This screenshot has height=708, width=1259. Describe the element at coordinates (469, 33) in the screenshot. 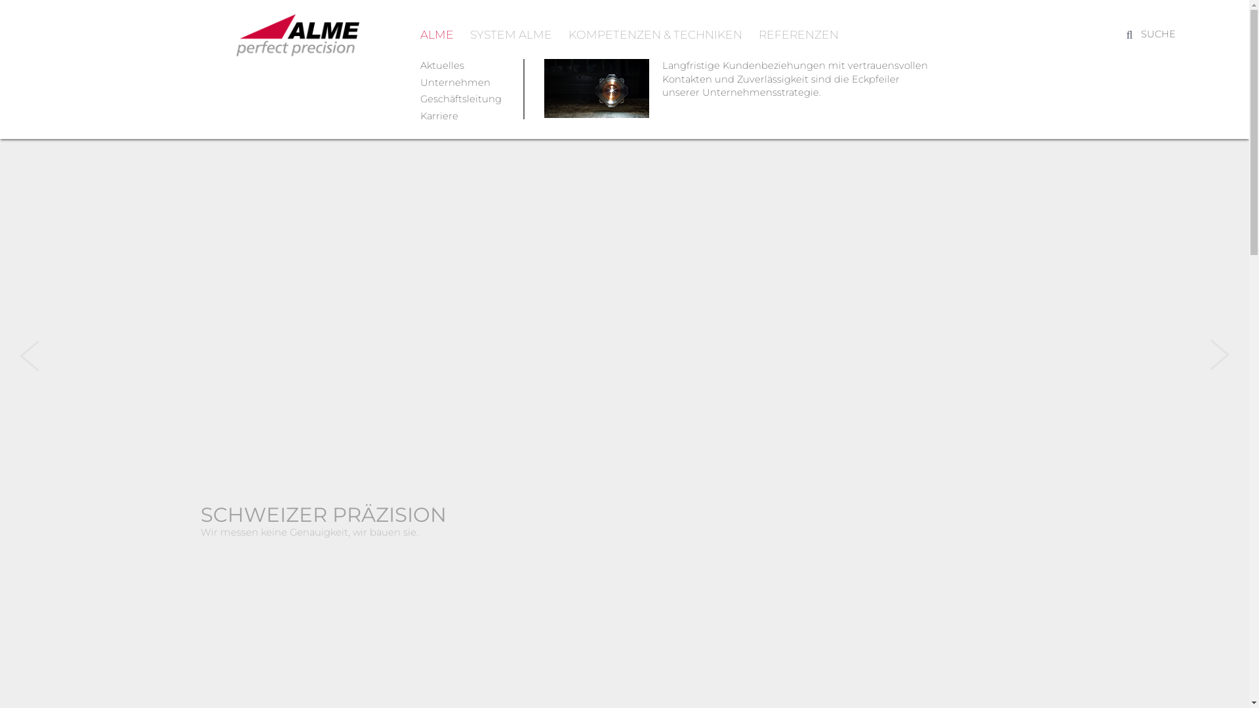

I see `'SYSTEM ALME'` at that location.